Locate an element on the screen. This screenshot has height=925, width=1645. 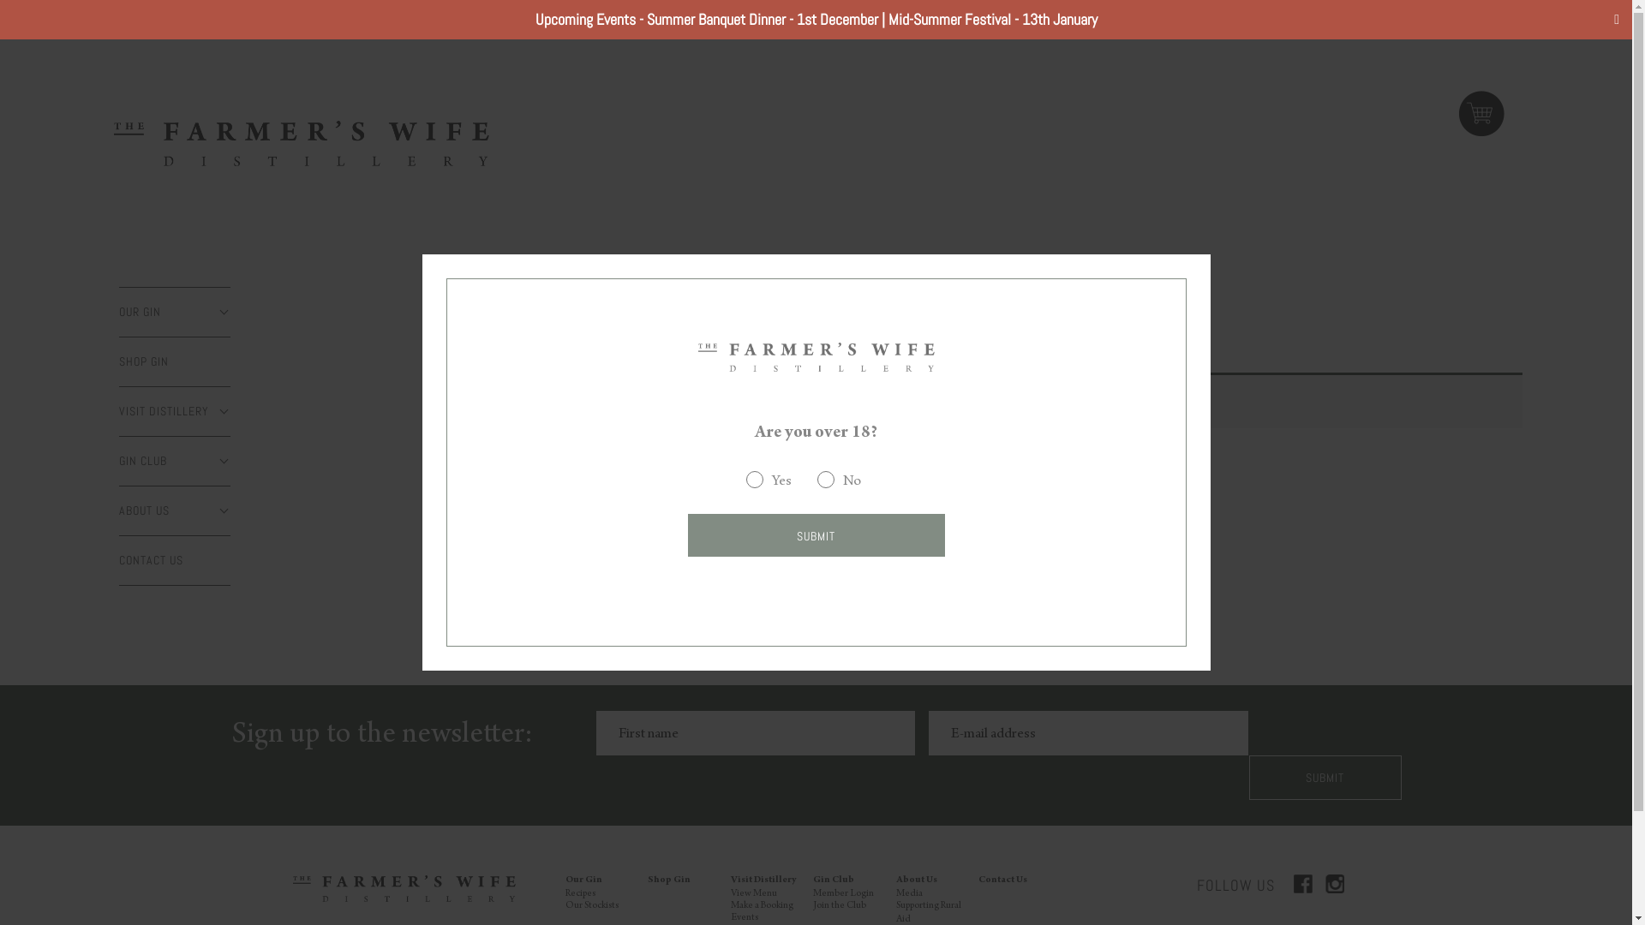
'CONTACT US' is located at coordinates (118, 560).